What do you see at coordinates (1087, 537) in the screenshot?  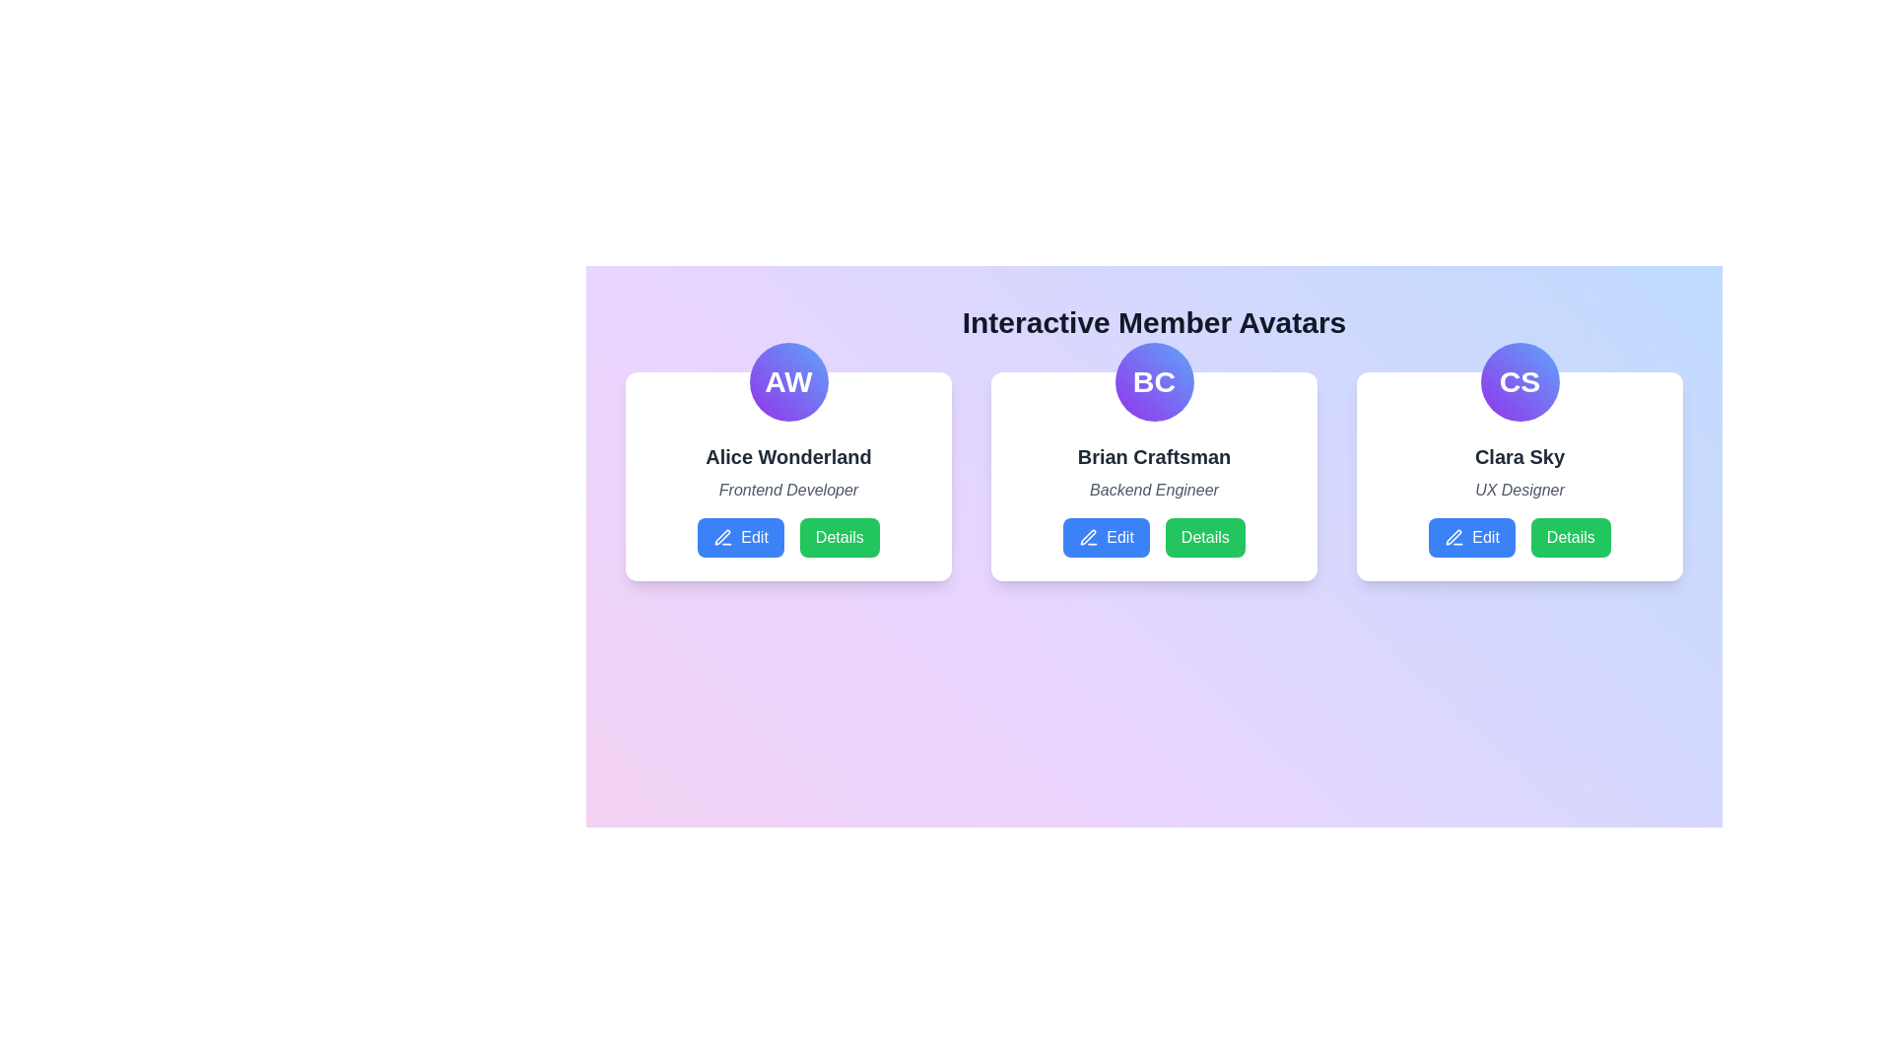 I see `the slanted pen icon within the 'Edit' button of the middle card titled 'Brian Craftsman', which is represented in white on a blue background` at bounding box center [1087, 537].